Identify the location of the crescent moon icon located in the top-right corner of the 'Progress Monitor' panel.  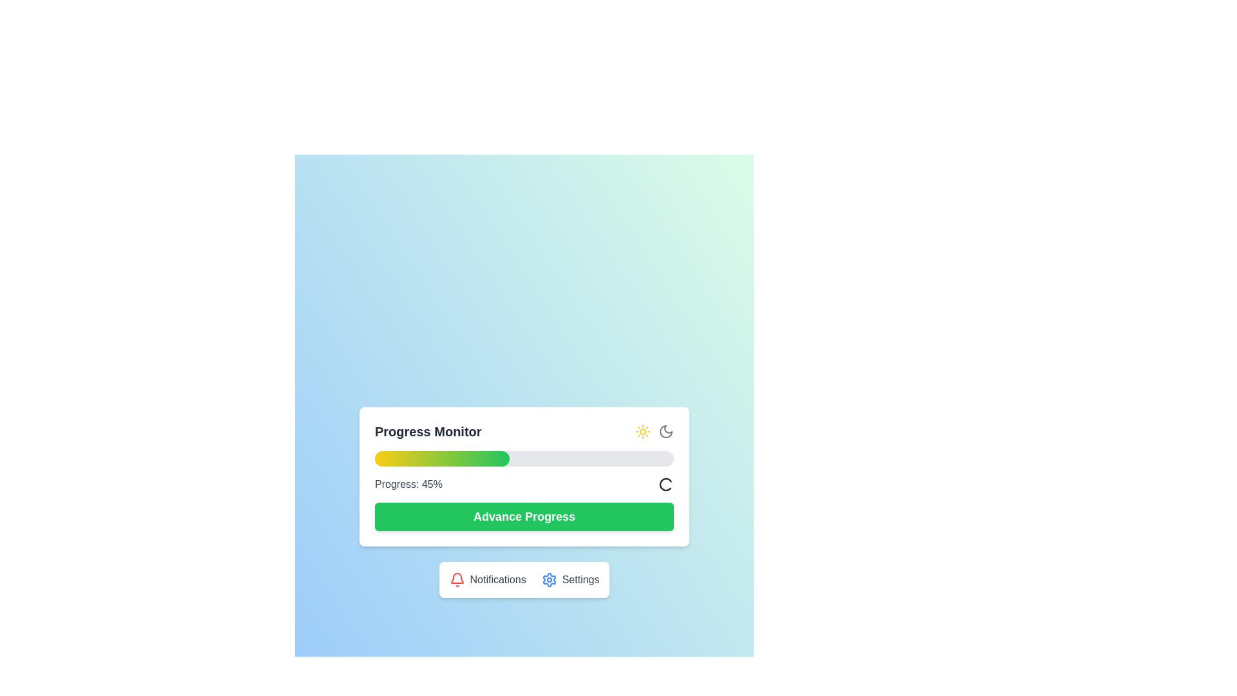
(666, 432).